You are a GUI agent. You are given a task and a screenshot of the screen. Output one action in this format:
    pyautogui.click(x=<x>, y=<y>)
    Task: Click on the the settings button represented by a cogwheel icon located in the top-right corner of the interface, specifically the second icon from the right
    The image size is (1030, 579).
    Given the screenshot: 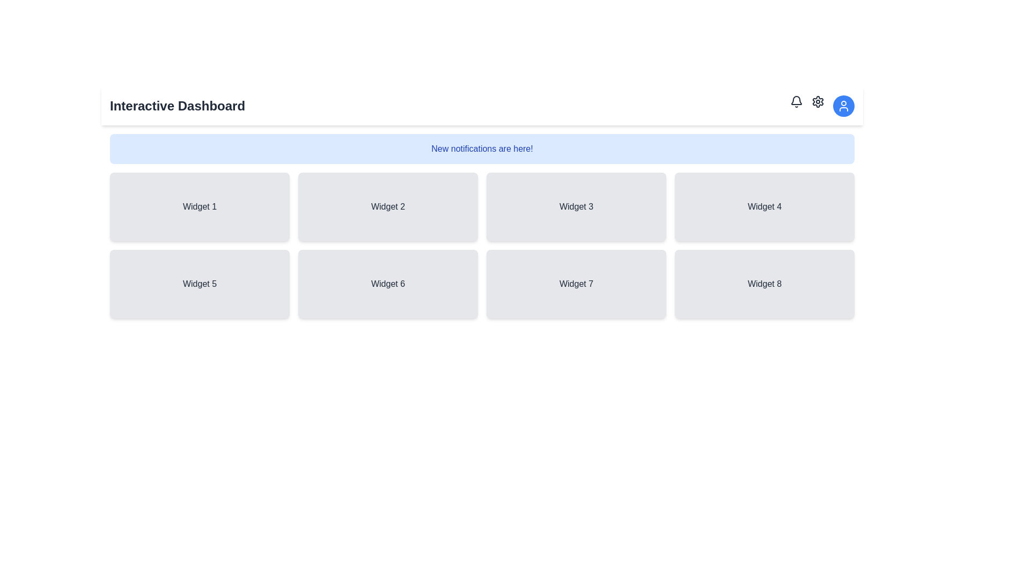 What is the action you would take?
    pyautogui.click(x=818, y=101)
    